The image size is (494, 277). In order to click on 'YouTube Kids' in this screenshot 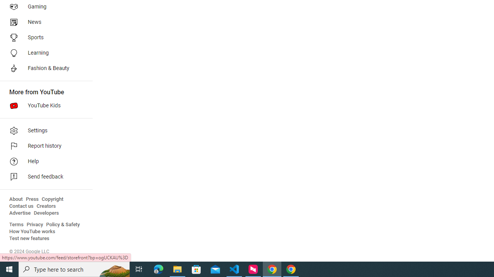, I will do `click(43, 106)`.